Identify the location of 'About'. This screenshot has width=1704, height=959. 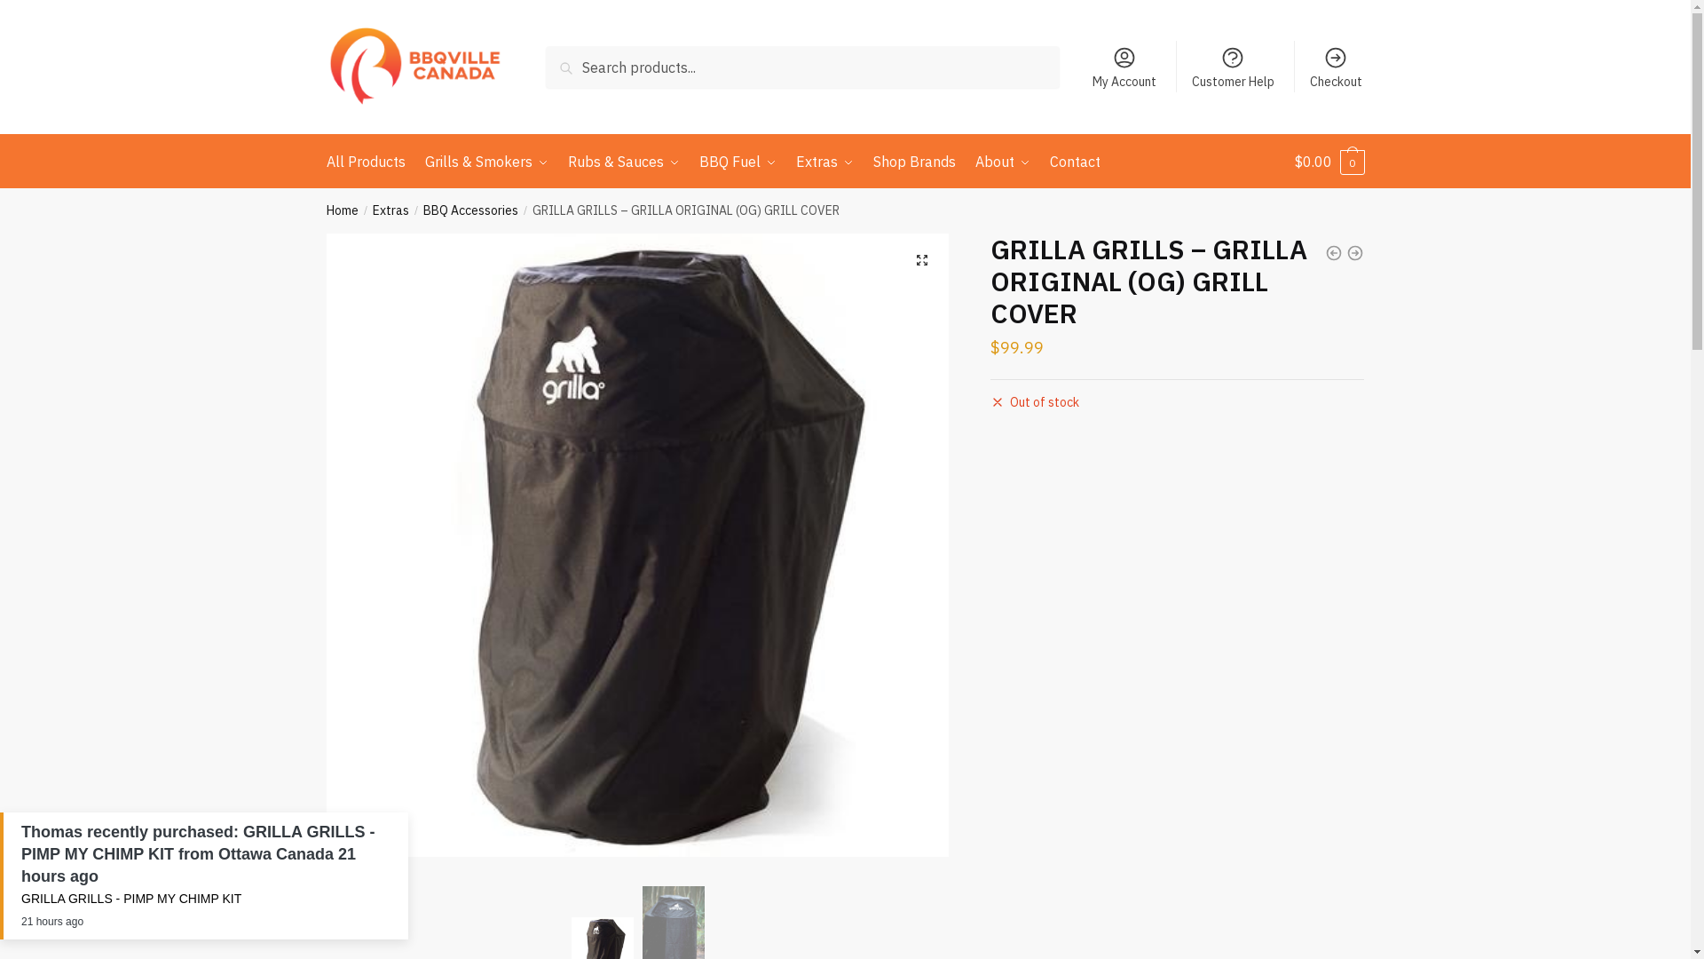
(966, 161).